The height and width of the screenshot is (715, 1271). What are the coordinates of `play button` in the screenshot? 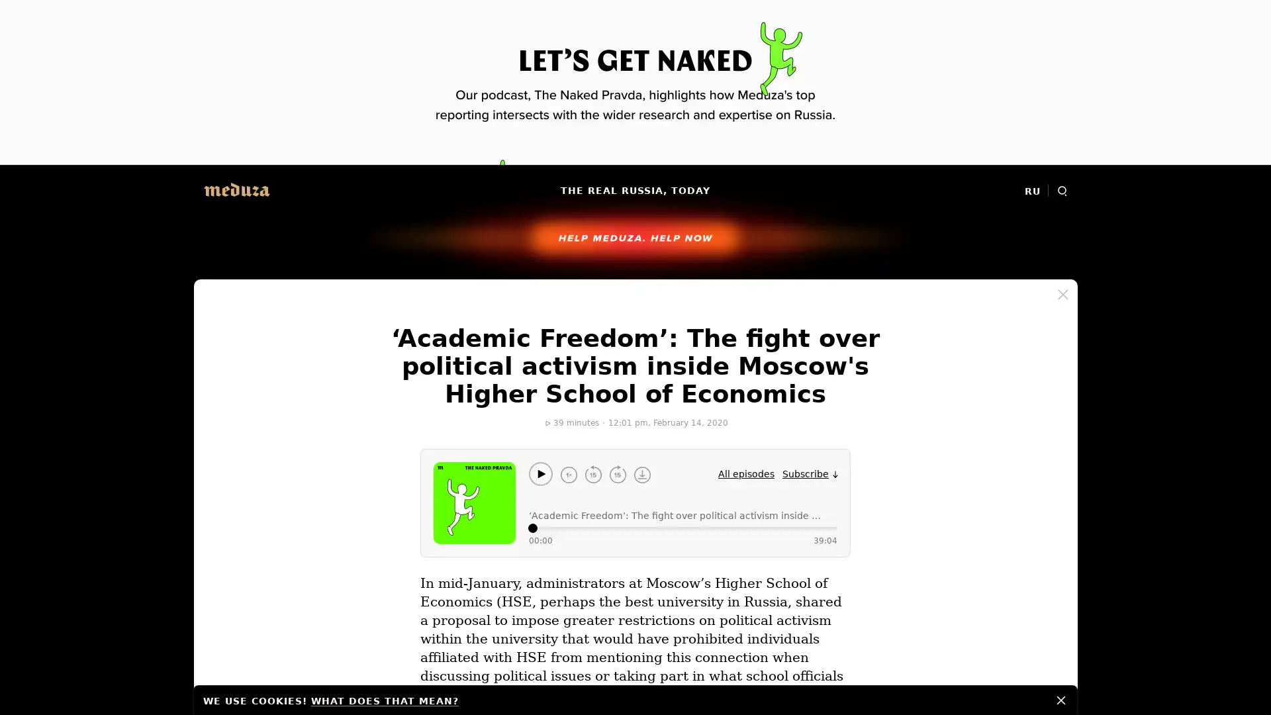 It's located at (540, 473).